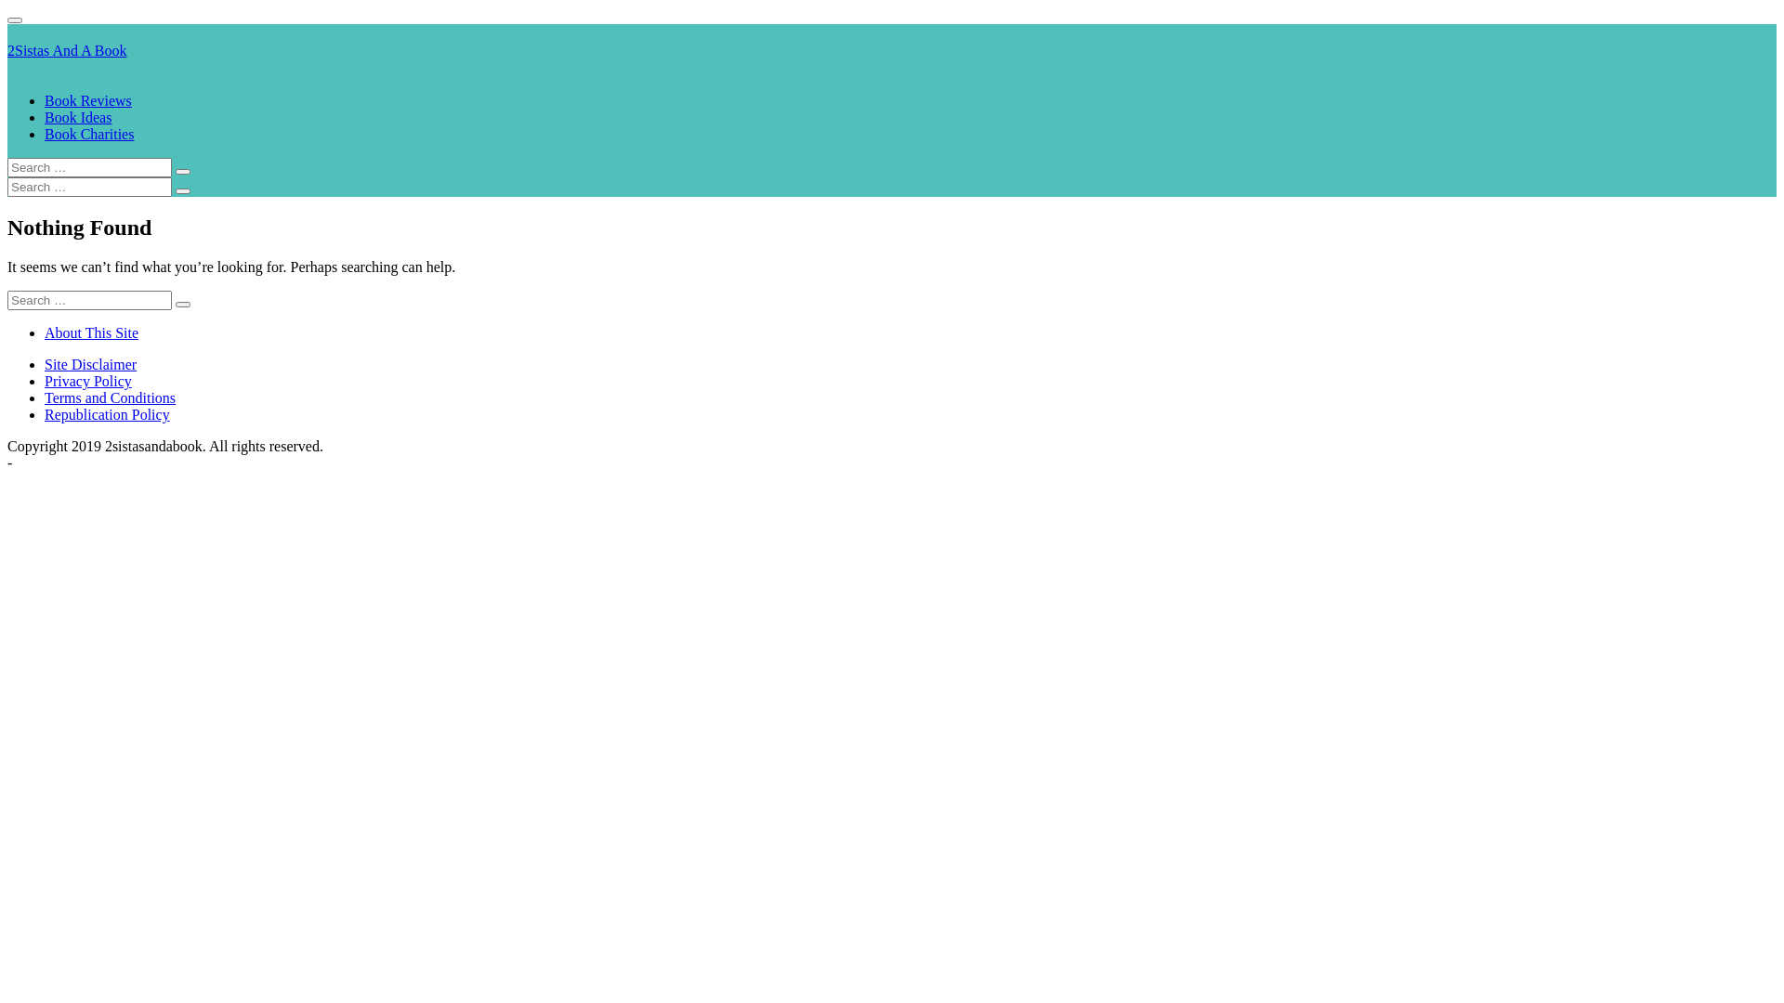  What do you see at coordinates (87, 100) in the screenshot?
I see `'Book Reviews'` at bounding box center [87, 100].